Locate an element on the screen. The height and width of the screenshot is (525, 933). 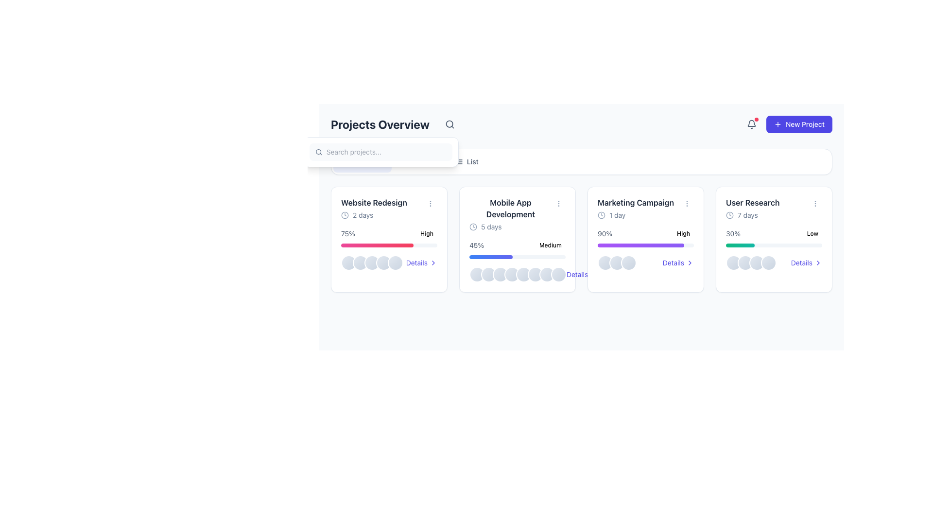
the 'User Research' card component is located at coordinates (774, 240).